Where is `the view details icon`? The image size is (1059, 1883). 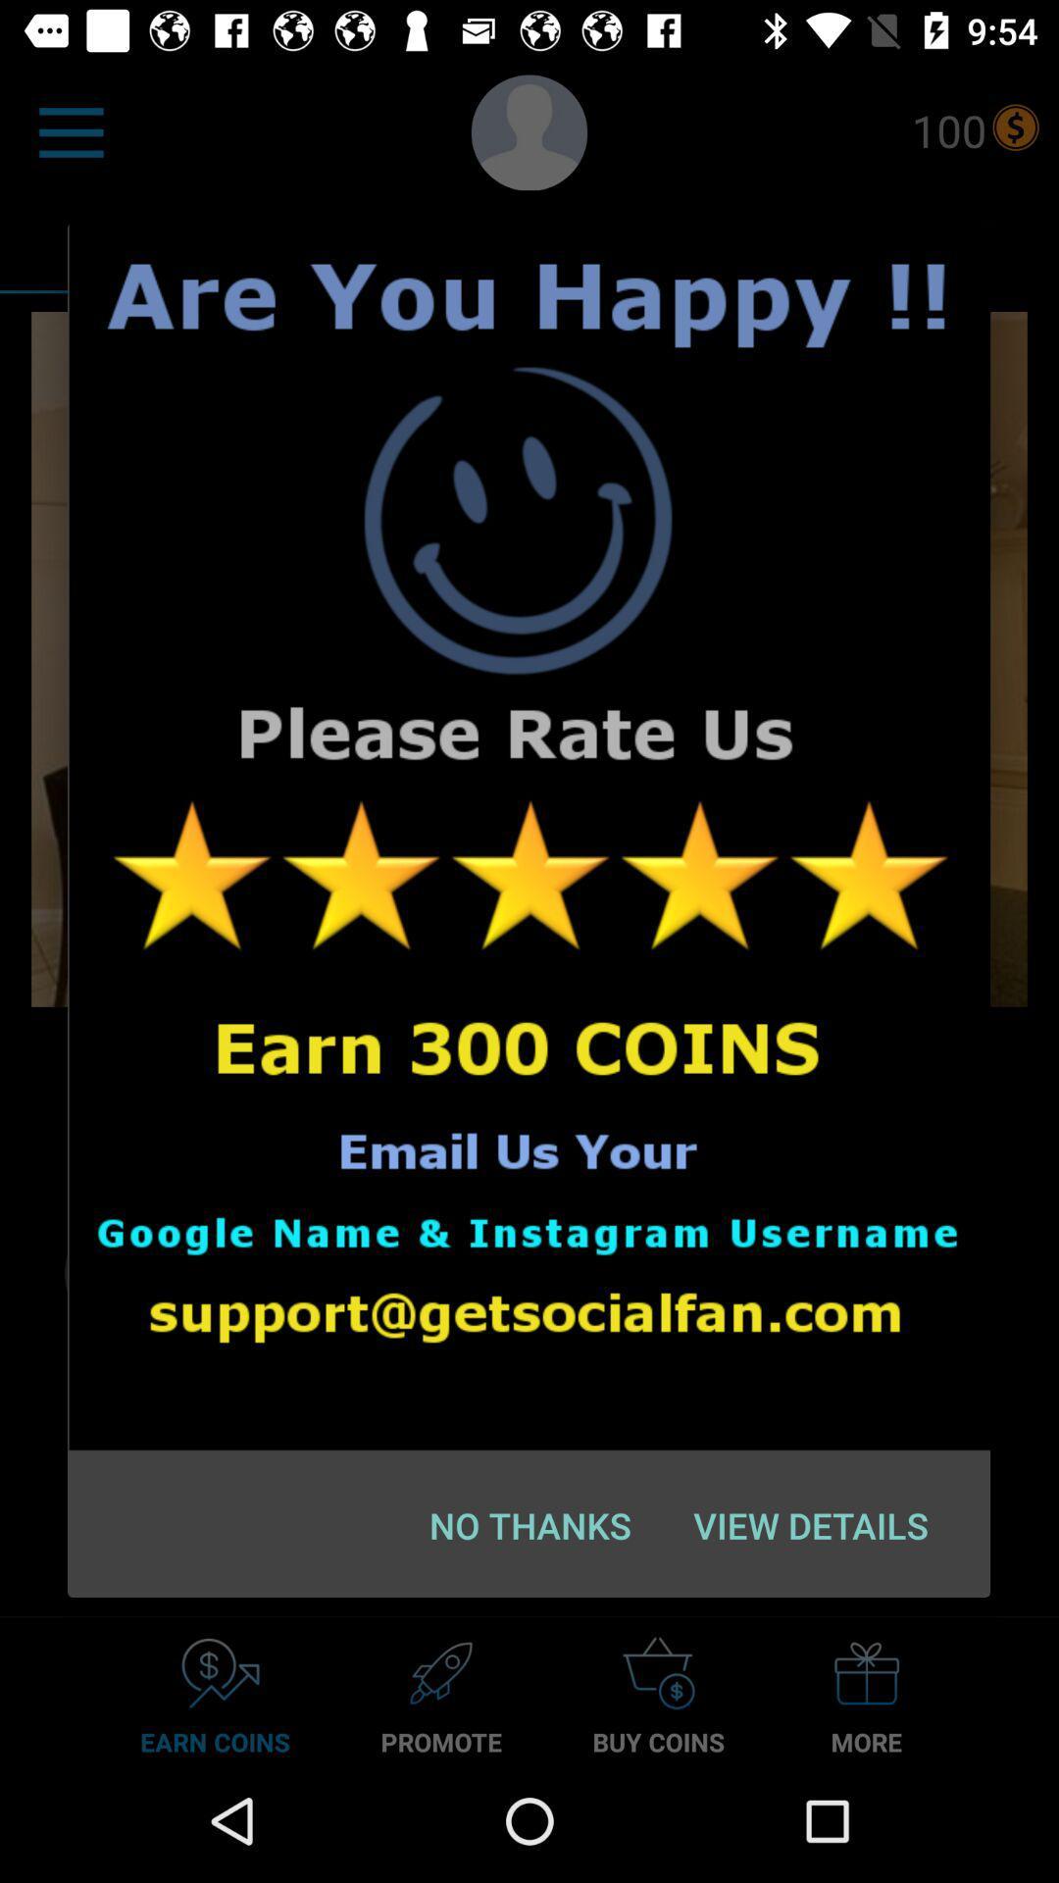
the view details icon is located at coordinates (811, 1524).